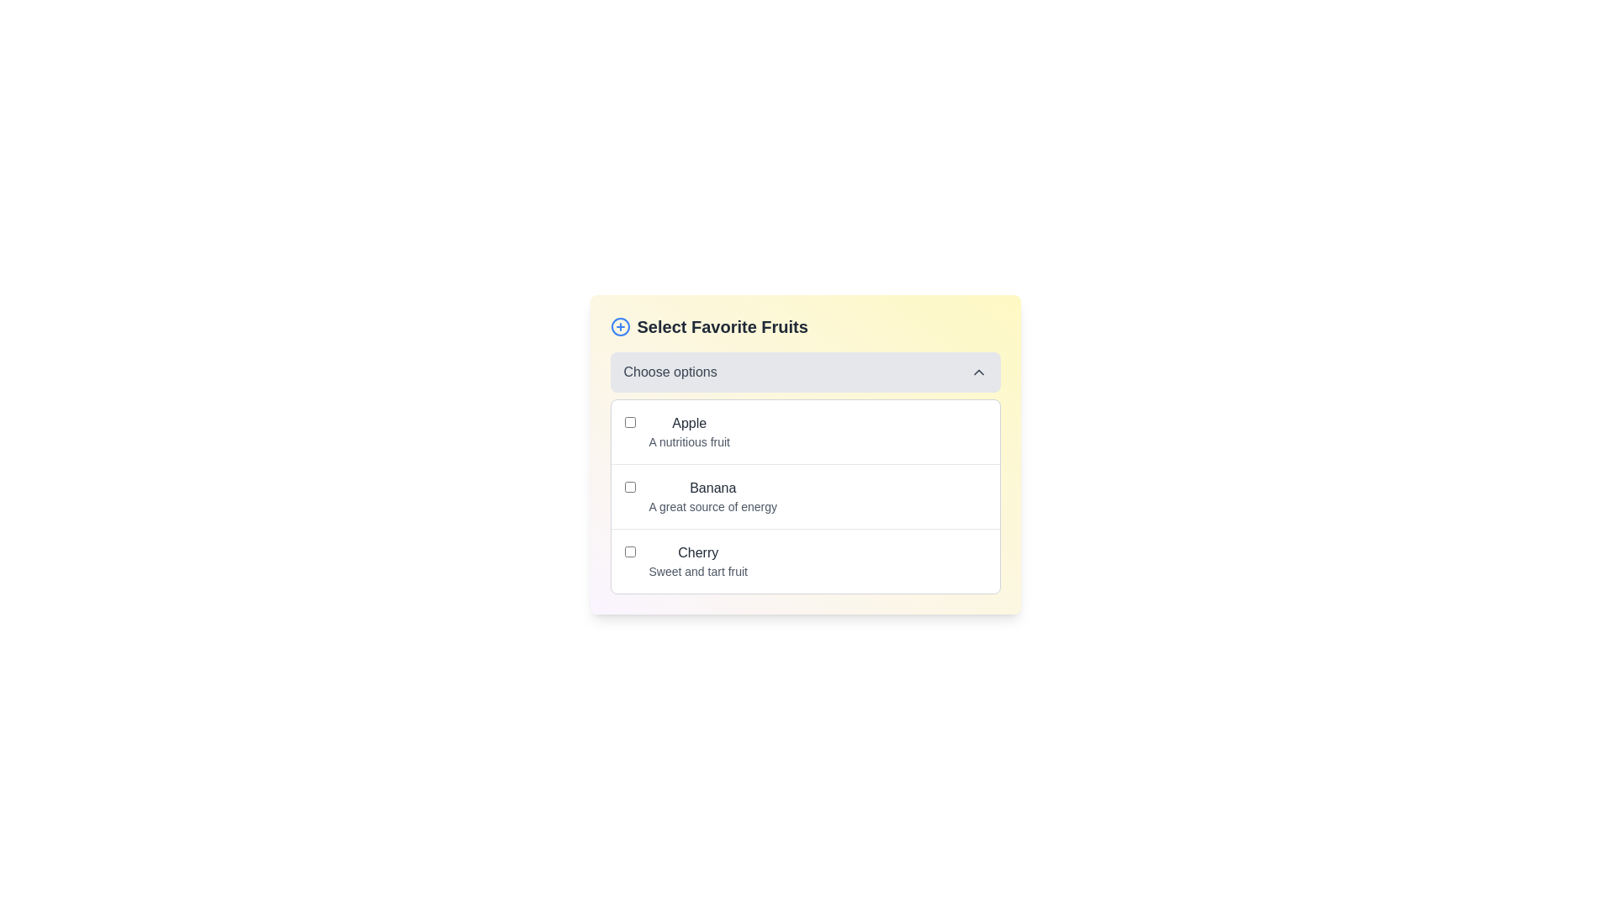  Describe the element at coordinates (670, 372) in the screenshot. I see `the Text label within the dropdown menu located beneath the 'Select Favorite Fruits' header, which prompts users to click and reveal a list of options` at that location.